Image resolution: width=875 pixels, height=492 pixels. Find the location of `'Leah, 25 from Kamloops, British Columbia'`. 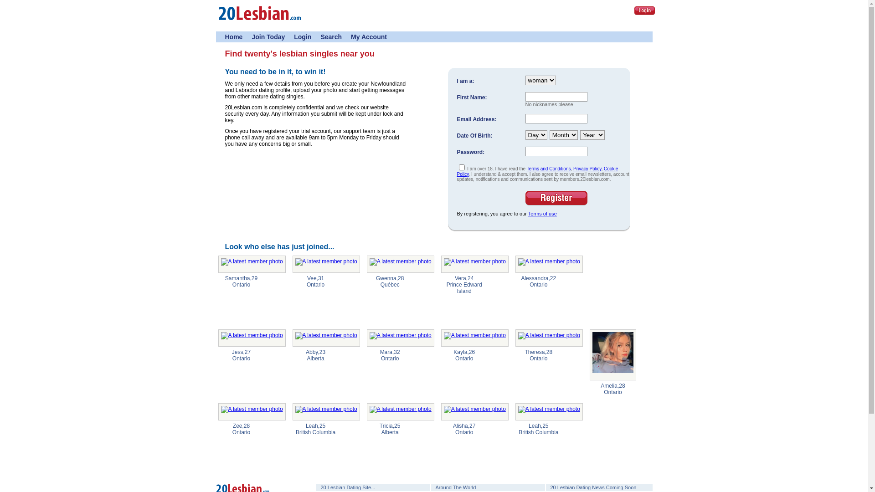

'Leah, 25 from Kamloops, British Columbia' is located at coordinates (293, 411).